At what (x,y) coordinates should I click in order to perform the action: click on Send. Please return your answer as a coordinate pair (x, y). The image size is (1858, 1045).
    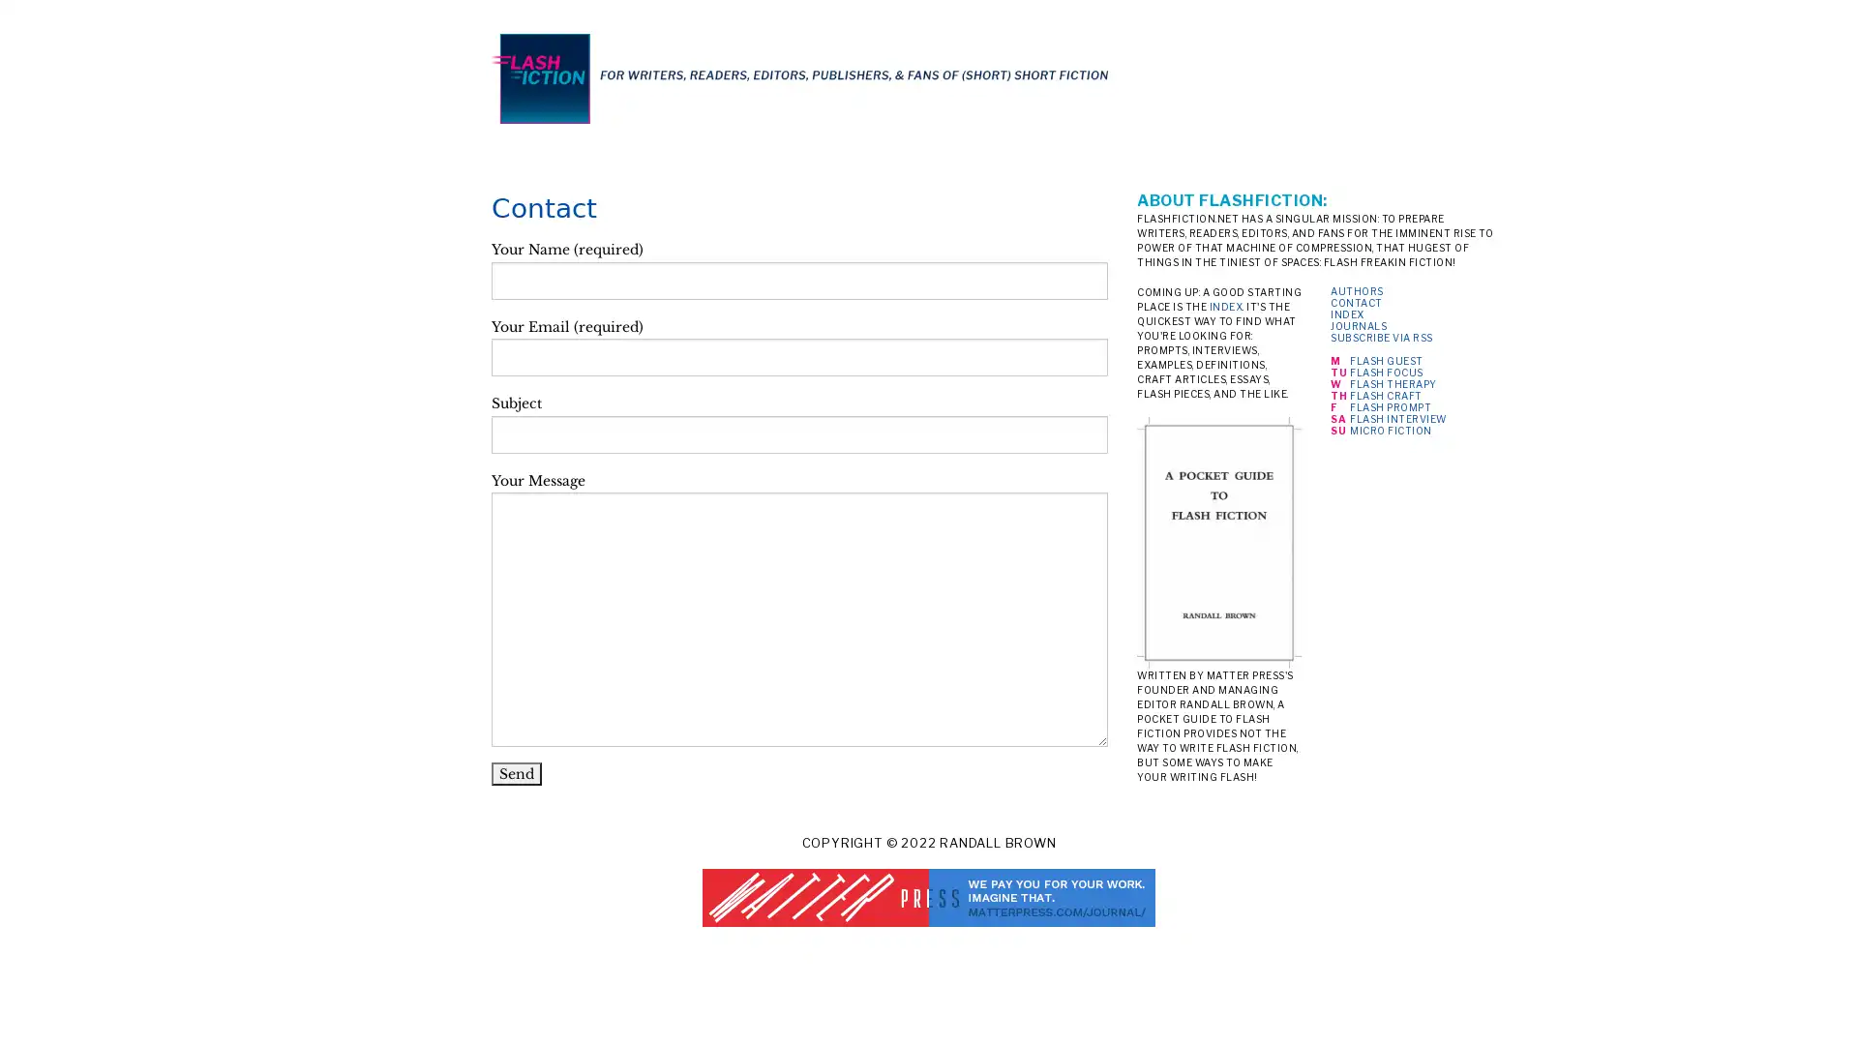
    Looking at the image, I should click on (516, 772).